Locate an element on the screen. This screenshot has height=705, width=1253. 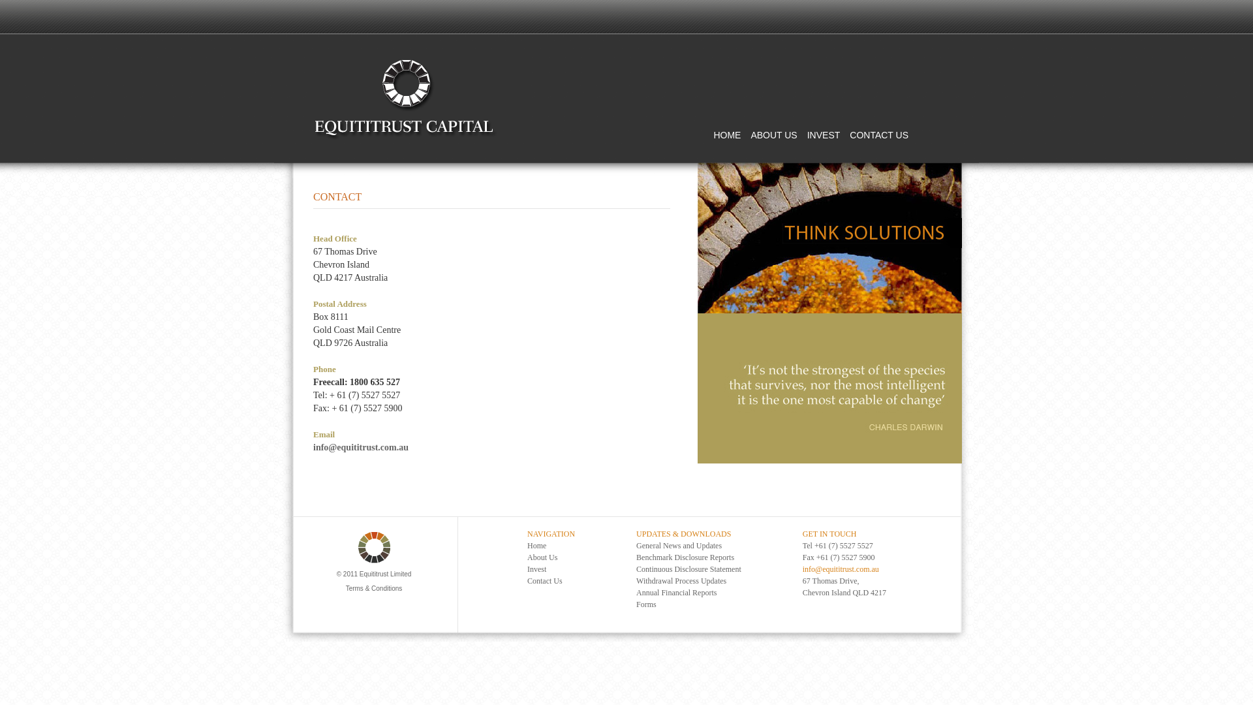
'Withdrawal Process Updates' is located at coordinates (680, 580).